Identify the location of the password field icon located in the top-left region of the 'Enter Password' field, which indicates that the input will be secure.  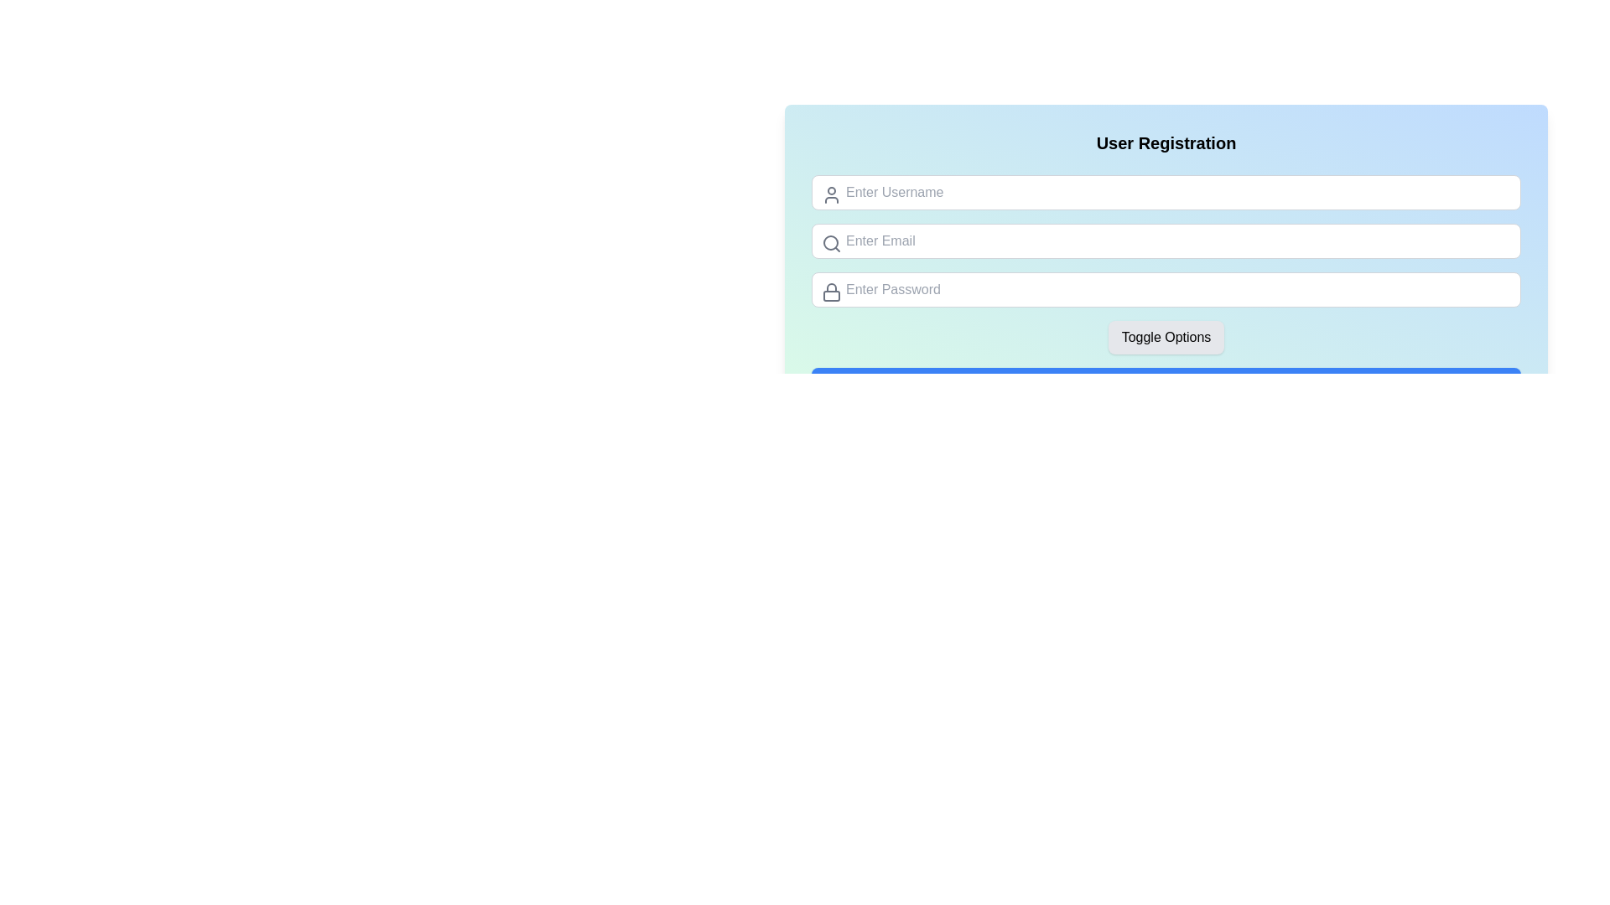
(832, 291).